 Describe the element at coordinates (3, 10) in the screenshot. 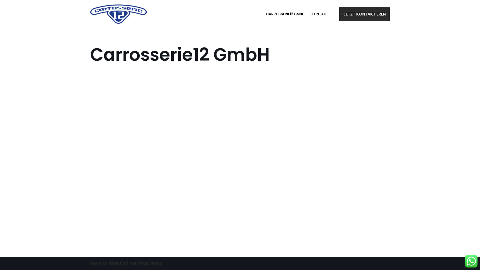

I see `'Zum Inhalt'` at that location.